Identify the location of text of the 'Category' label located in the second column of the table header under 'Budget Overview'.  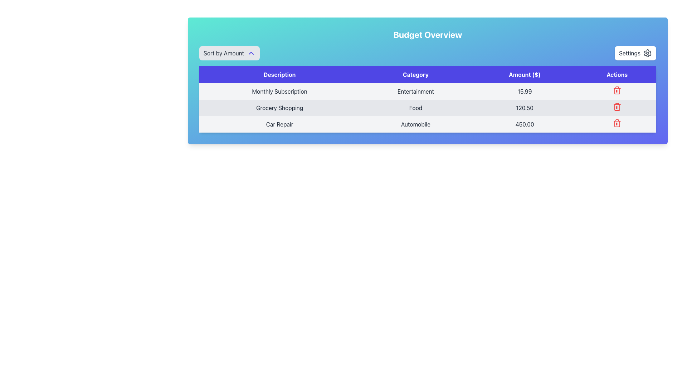
(415, 74).